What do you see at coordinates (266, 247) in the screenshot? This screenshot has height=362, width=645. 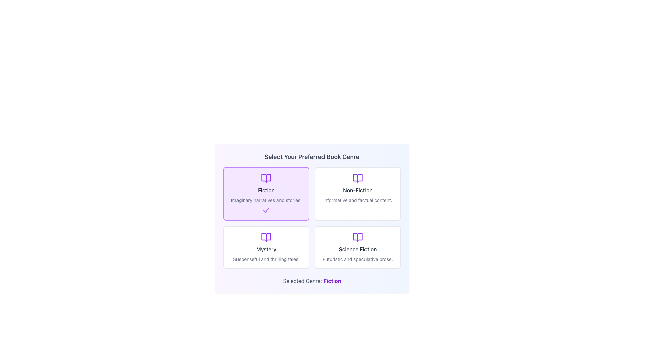 I see `the 'Mystery' interactive card located in the bottom-left of the grid layout, below the 'Fiction' card and to the left of the 'Science Fiction' card` at bounding box center [266, 247].